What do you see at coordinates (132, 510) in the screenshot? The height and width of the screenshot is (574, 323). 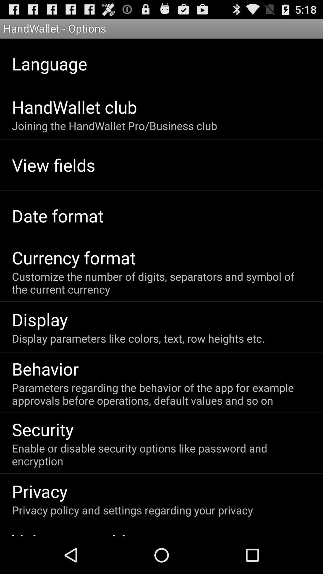 I see `icon below the privacy app` at bounding box center [132, 510].